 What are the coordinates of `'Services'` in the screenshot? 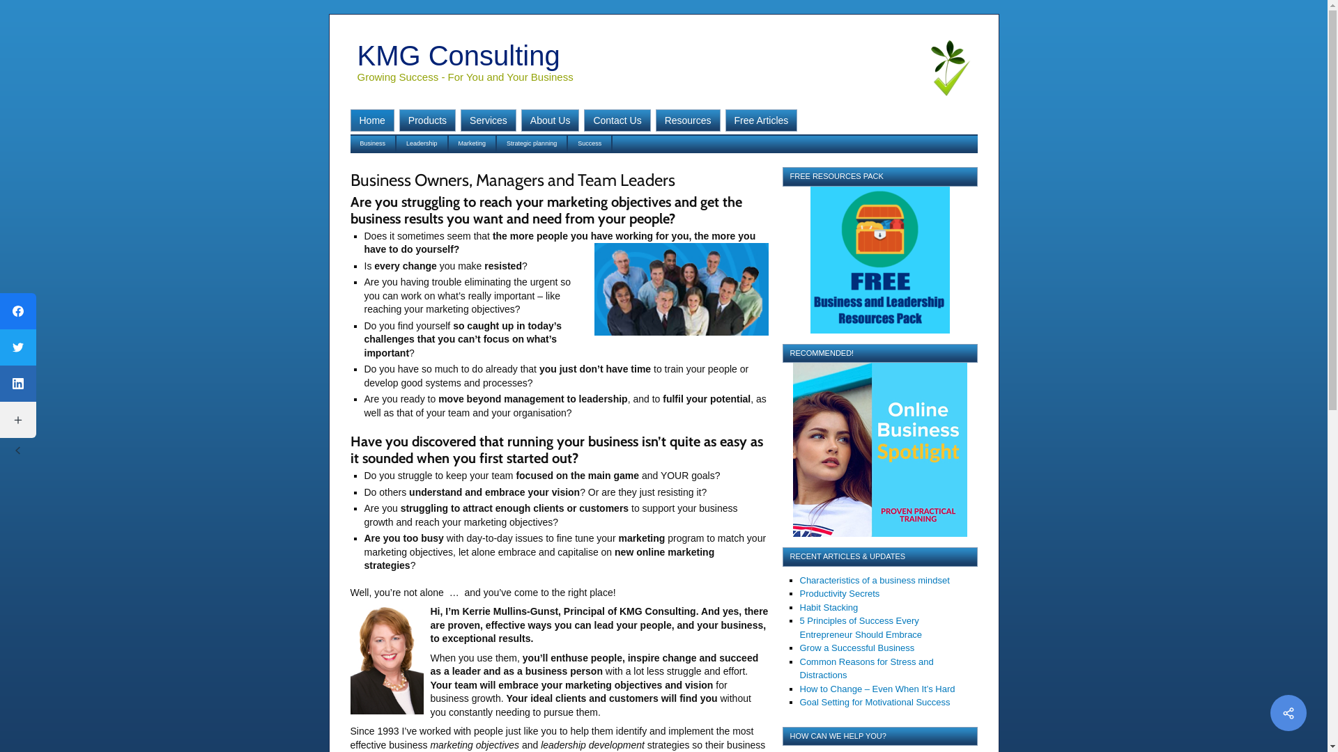 It's located at (488, 120).